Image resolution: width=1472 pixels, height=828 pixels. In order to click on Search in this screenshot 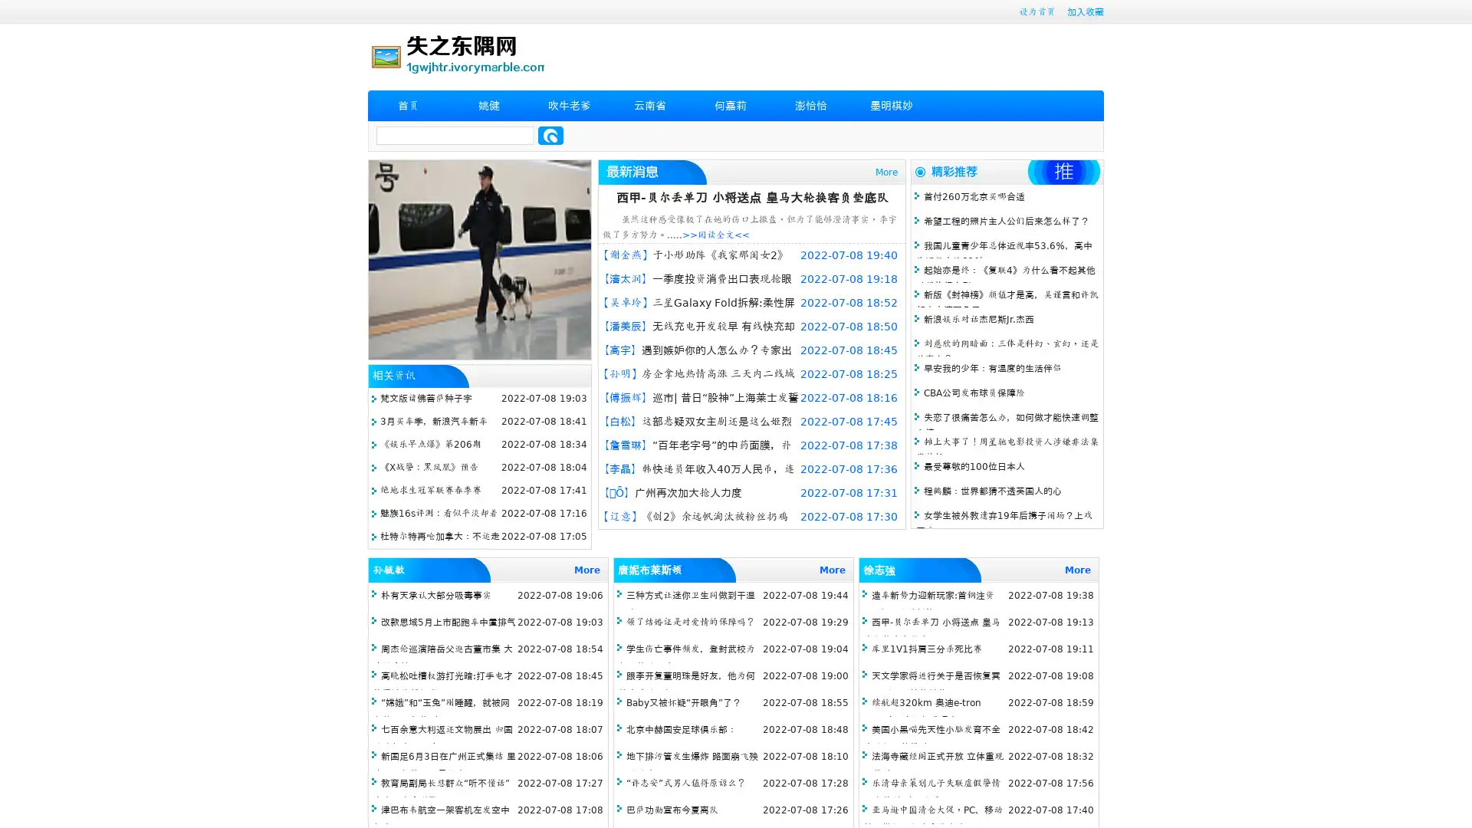, I will do `click(550, 135)`.